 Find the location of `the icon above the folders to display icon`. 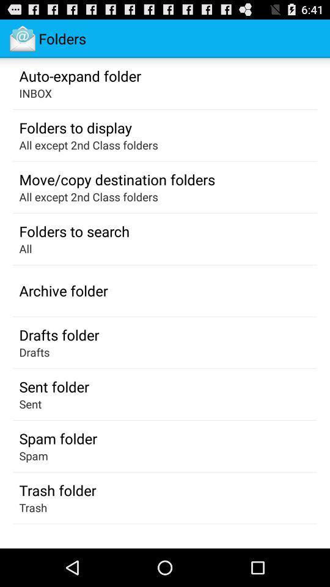

the icon above the folders to display icon is located at coordinates (35, 92).